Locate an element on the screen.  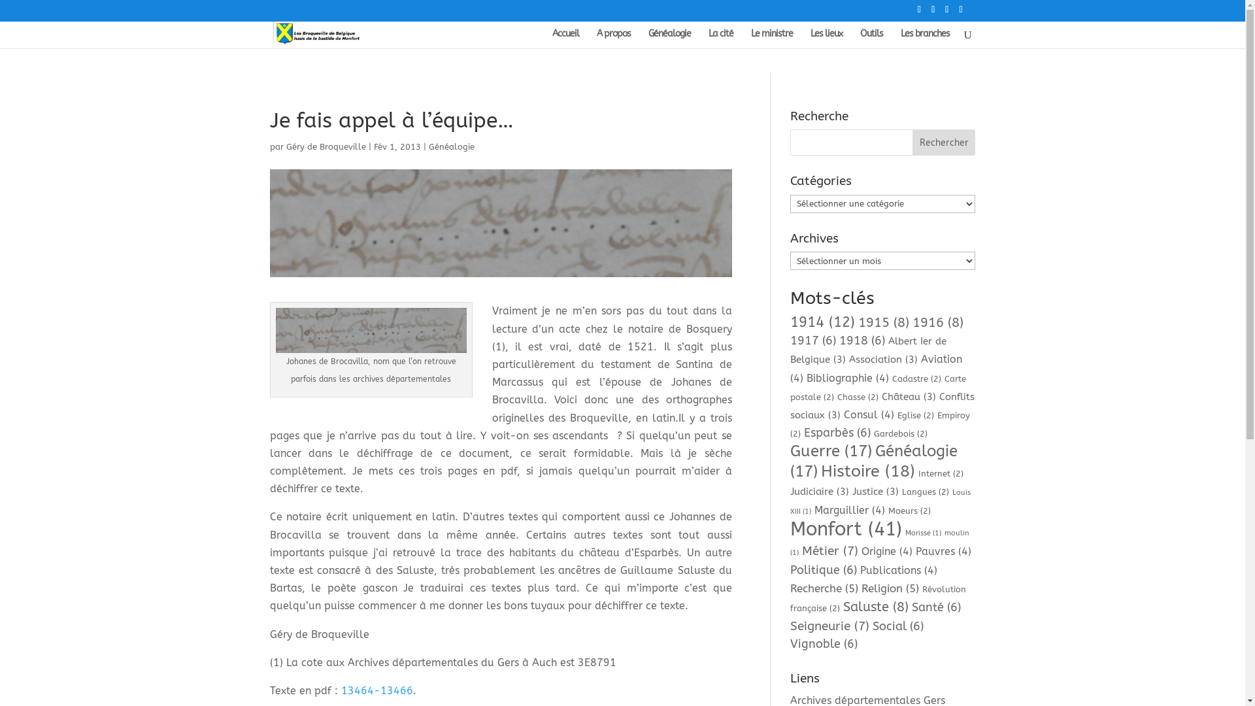
'Aviation (4)' is located at coordinates (876, 368).